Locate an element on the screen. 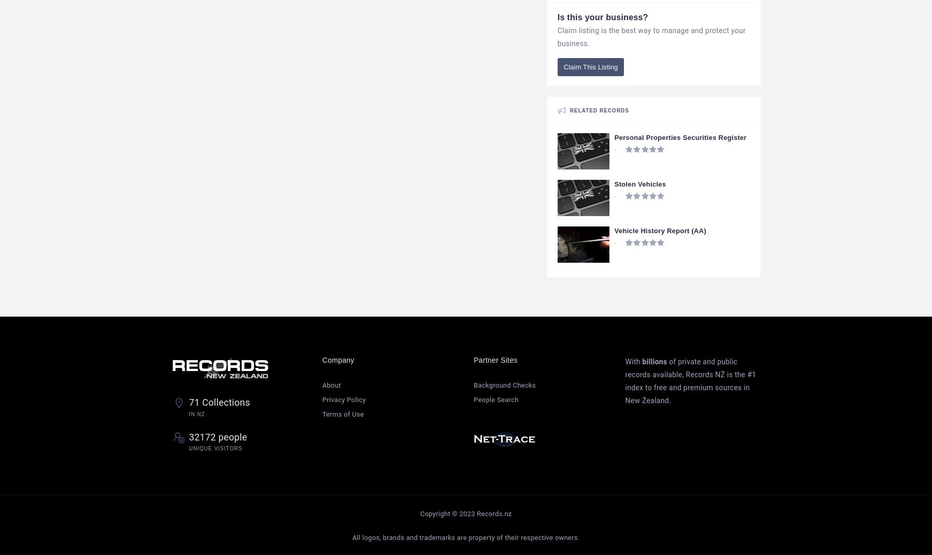  'in NZ' is located at coordinates (197, 413).